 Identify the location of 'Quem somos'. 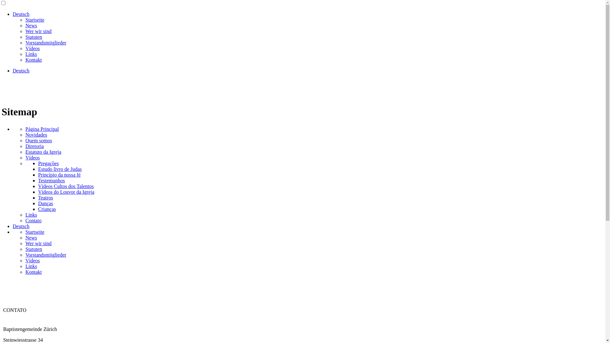
(38, 140).